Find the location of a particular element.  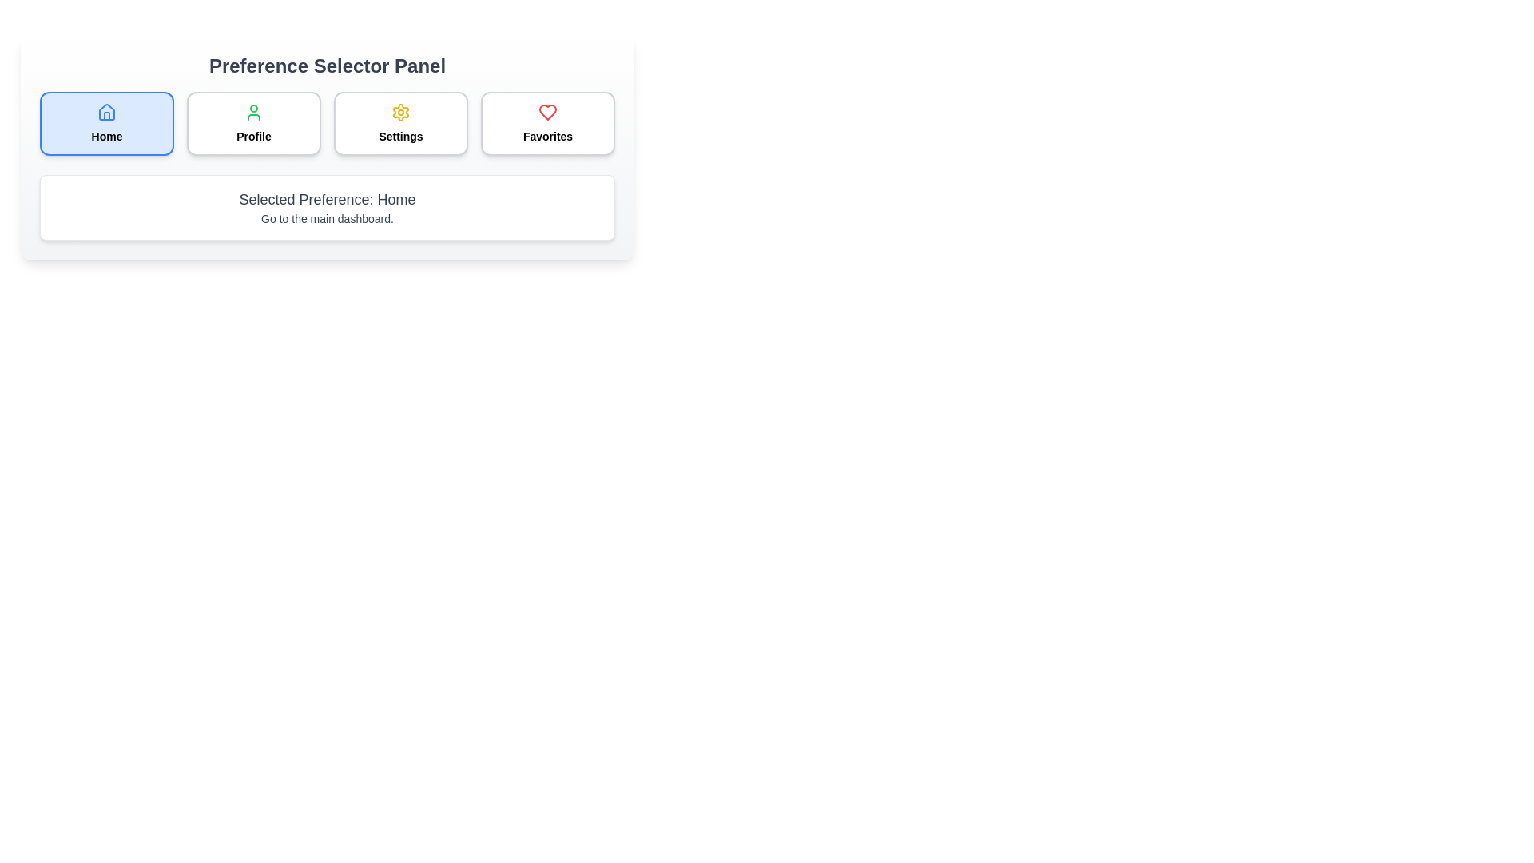

the 'Settings' text label, which is styled in a small bold font and is positioned beneath a gear icon, to the right of 'Profile' and to the left of 'Favorites' is located at coordinates (401, 135).